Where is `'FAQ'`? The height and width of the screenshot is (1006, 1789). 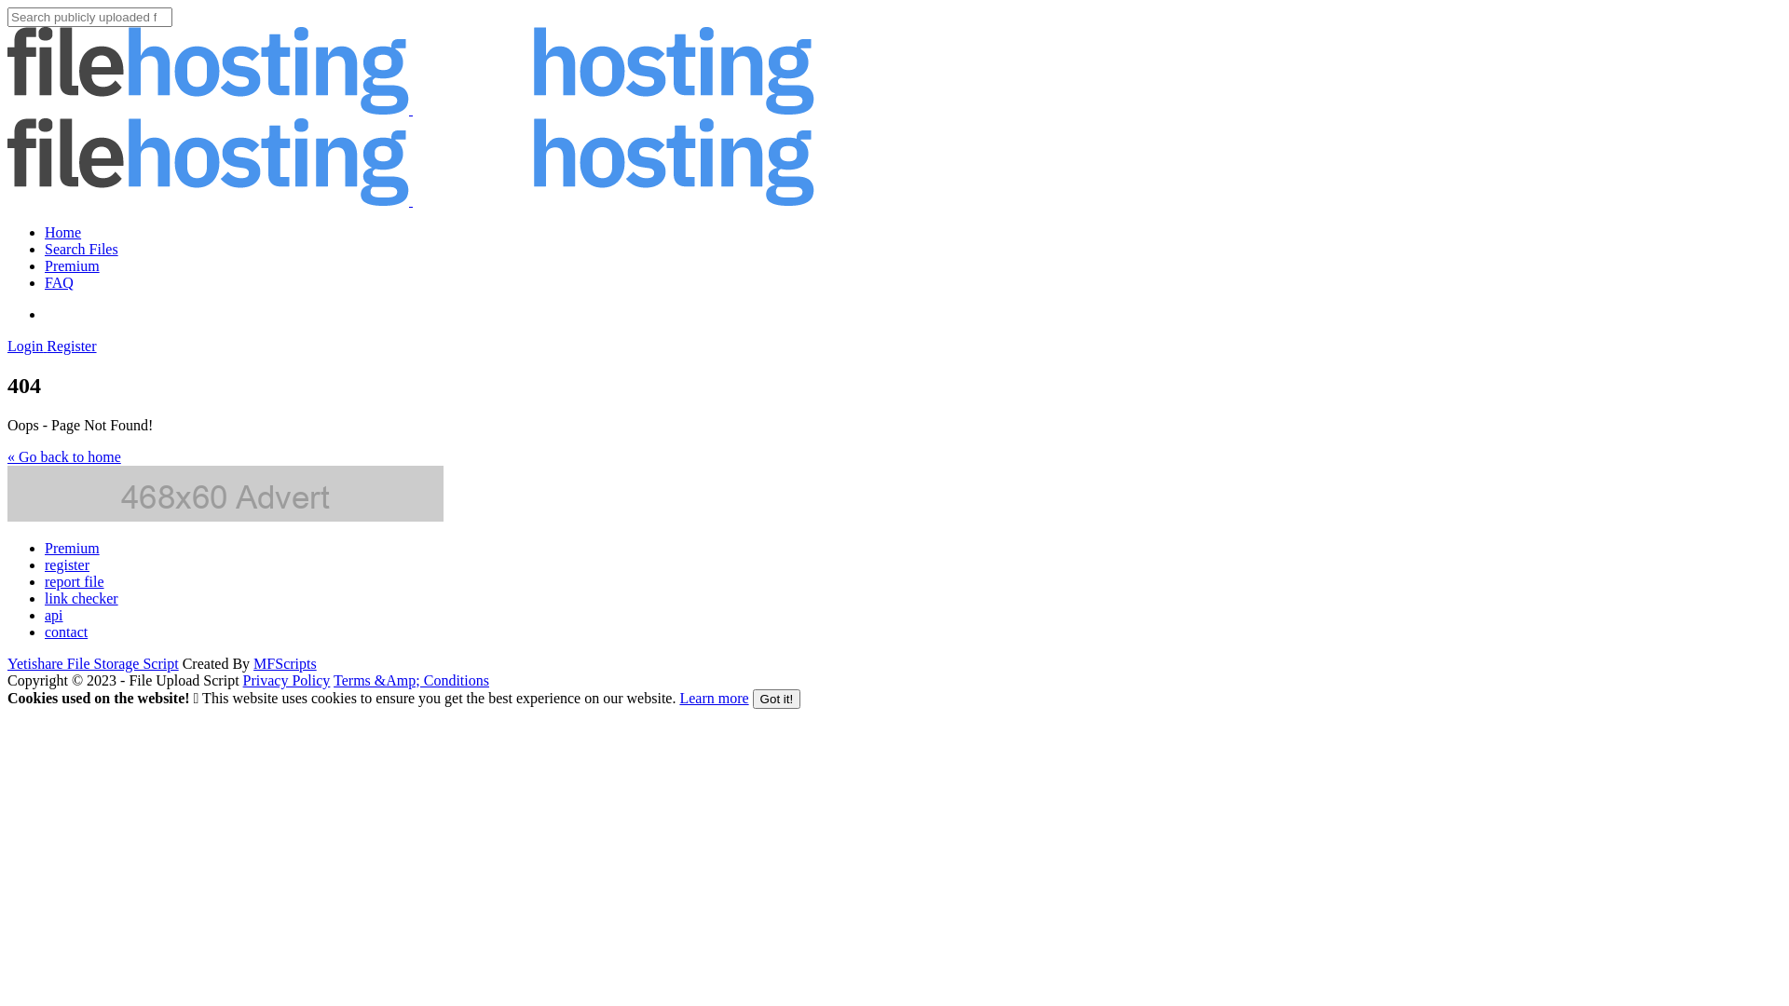 'FAQ' is located at coordinates (59, 282).